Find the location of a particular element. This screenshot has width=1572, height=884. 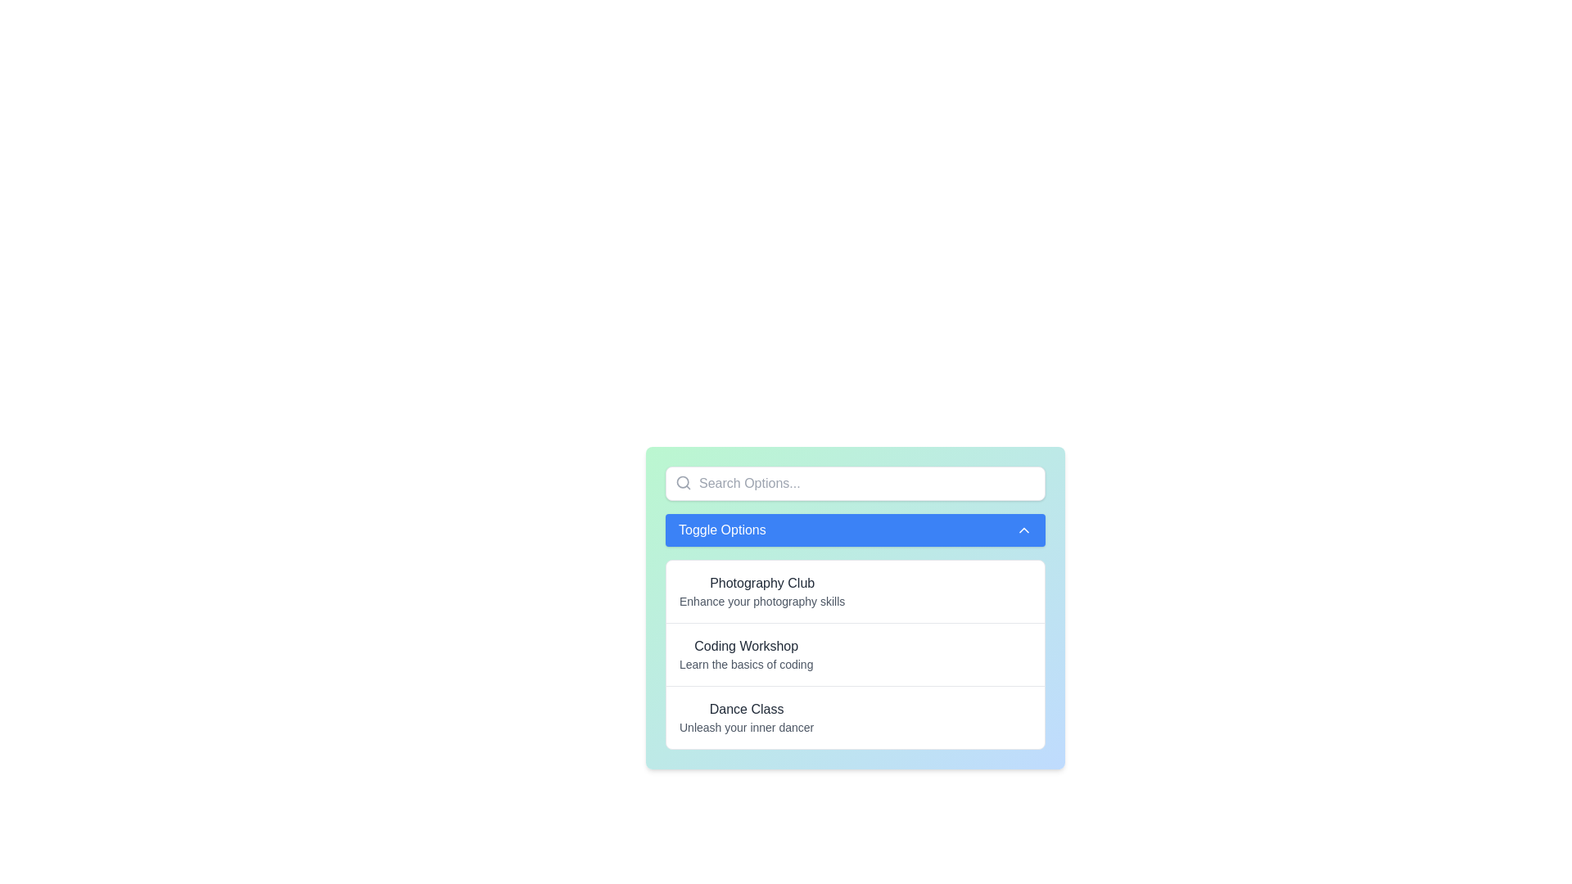

the 'Dance Class' text label, which is styled with medium font weight and dark gray color is located at coordinates (746, 709).